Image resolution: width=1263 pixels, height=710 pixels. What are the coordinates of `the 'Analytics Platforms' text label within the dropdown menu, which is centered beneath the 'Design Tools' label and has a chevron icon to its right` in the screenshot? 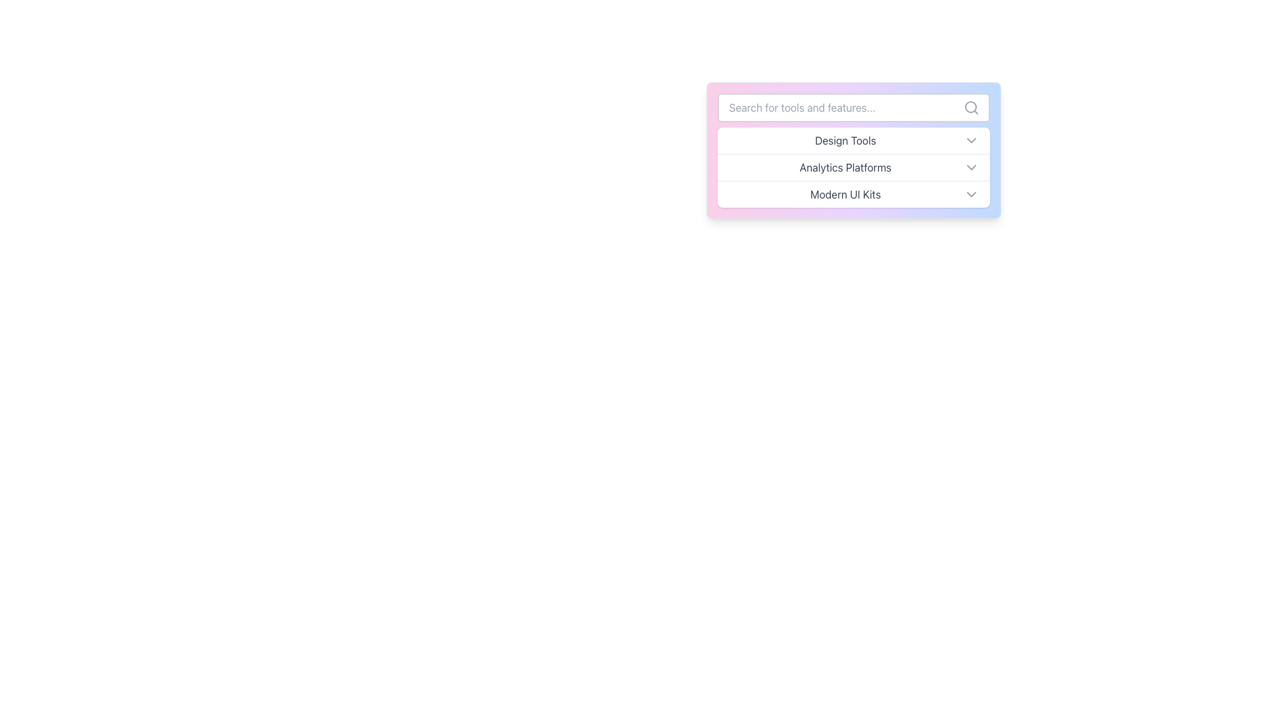 It's located at (845, 166).